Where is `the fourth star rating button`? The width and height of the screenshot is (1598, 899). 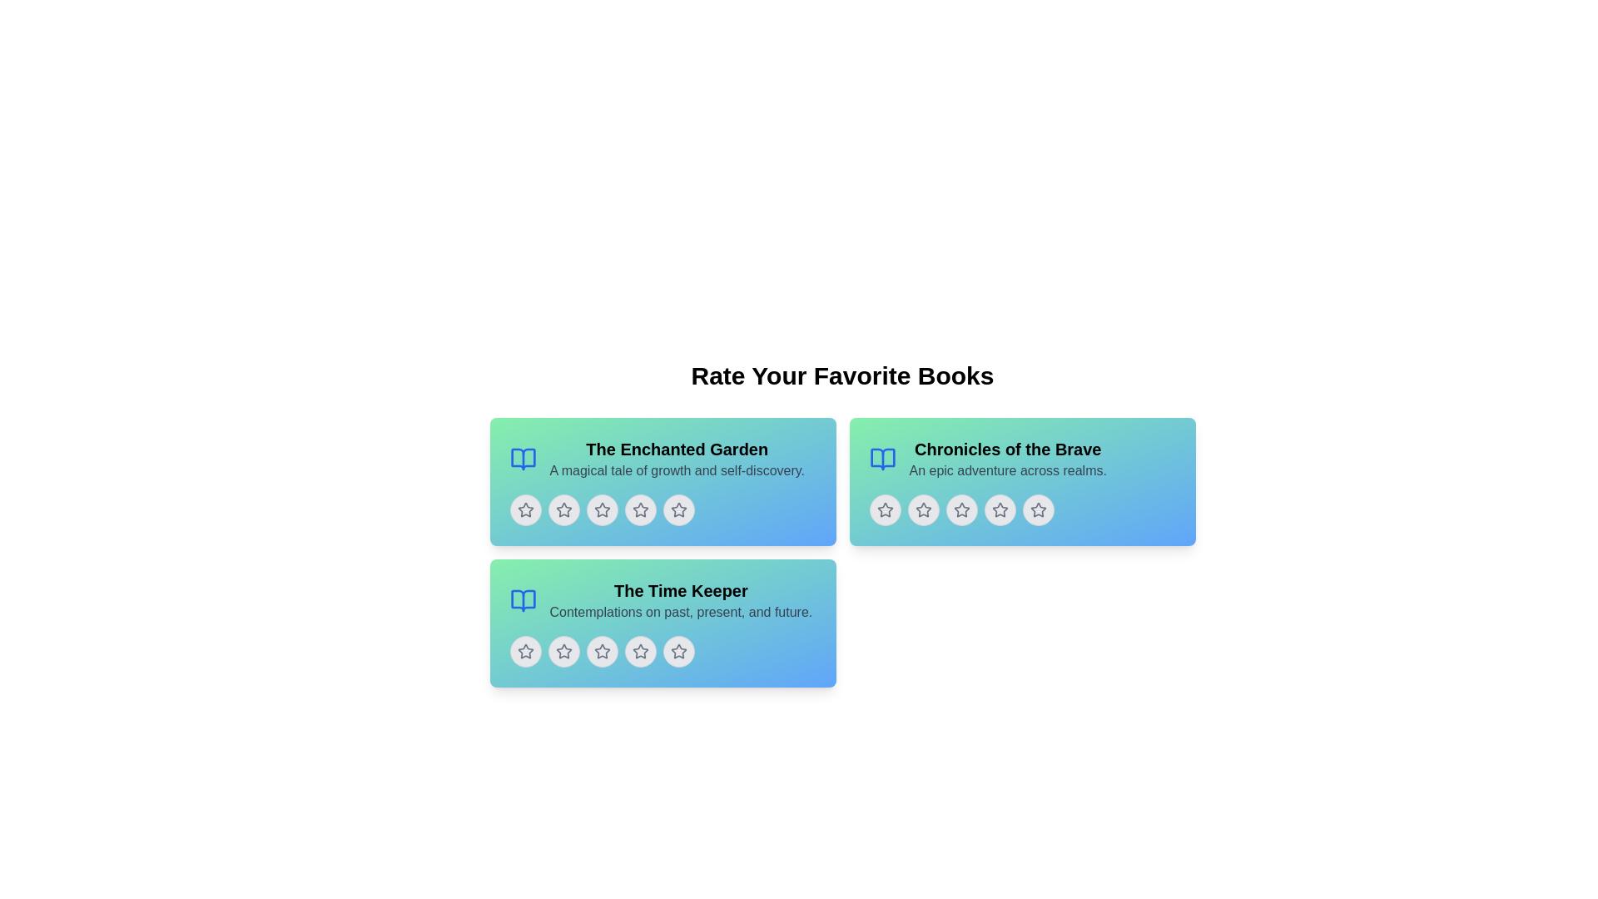 the fourth star rating button is located at coordinates (999, 509).